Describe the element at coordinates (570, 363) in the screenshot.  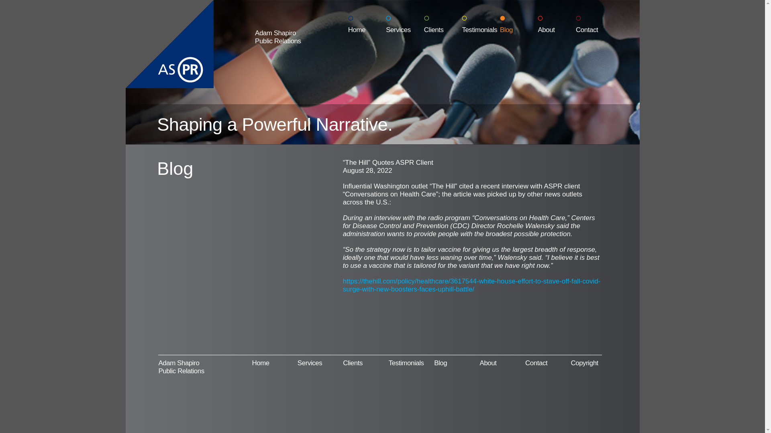
I see `'Copyright'` at that location.